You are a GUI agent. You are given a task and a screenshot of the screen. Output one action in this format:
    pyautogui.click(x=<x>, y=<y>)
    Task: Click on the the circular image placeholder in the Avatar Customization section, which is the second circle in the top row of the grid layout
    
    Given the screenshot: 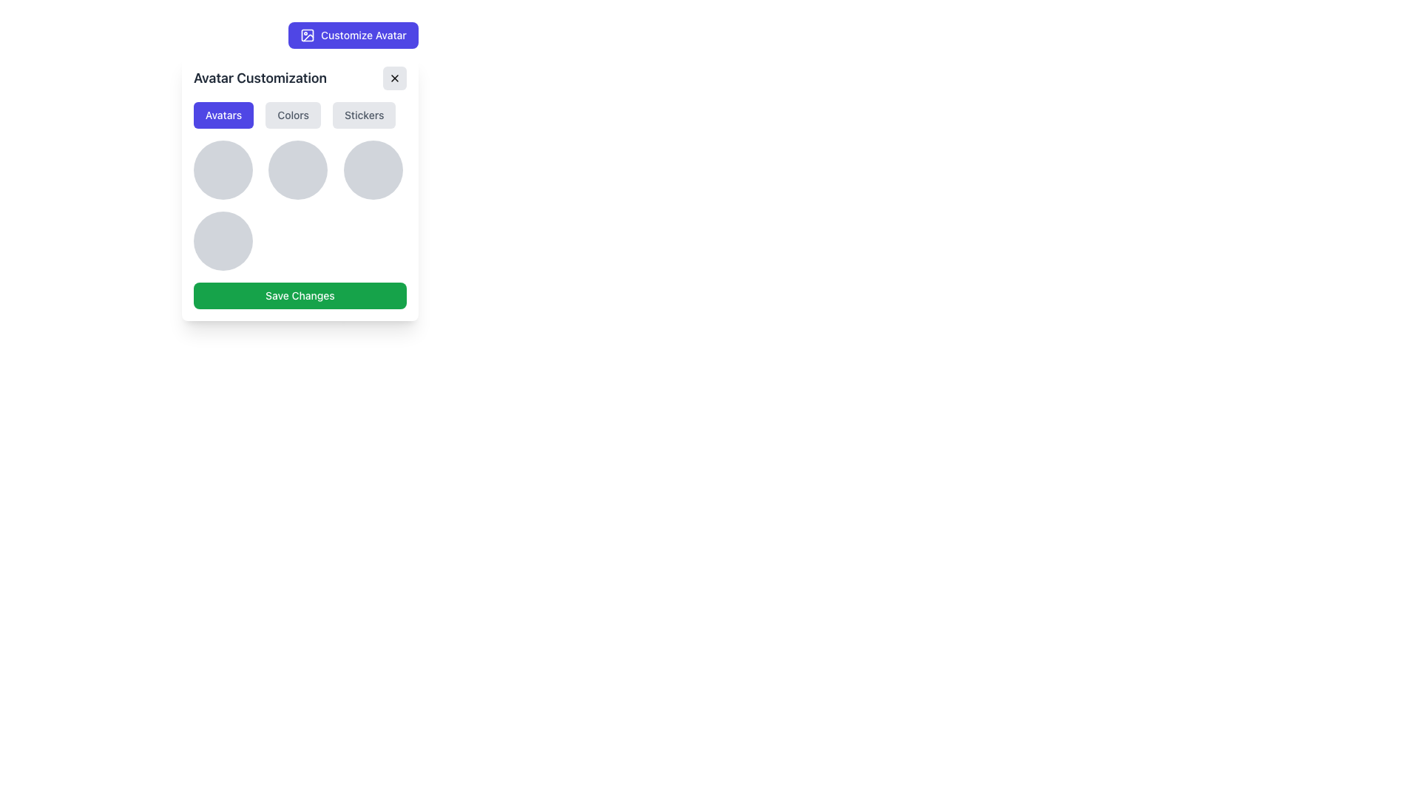 What is the action you would take?
    pyautogui.click(x=297, y=169)
    